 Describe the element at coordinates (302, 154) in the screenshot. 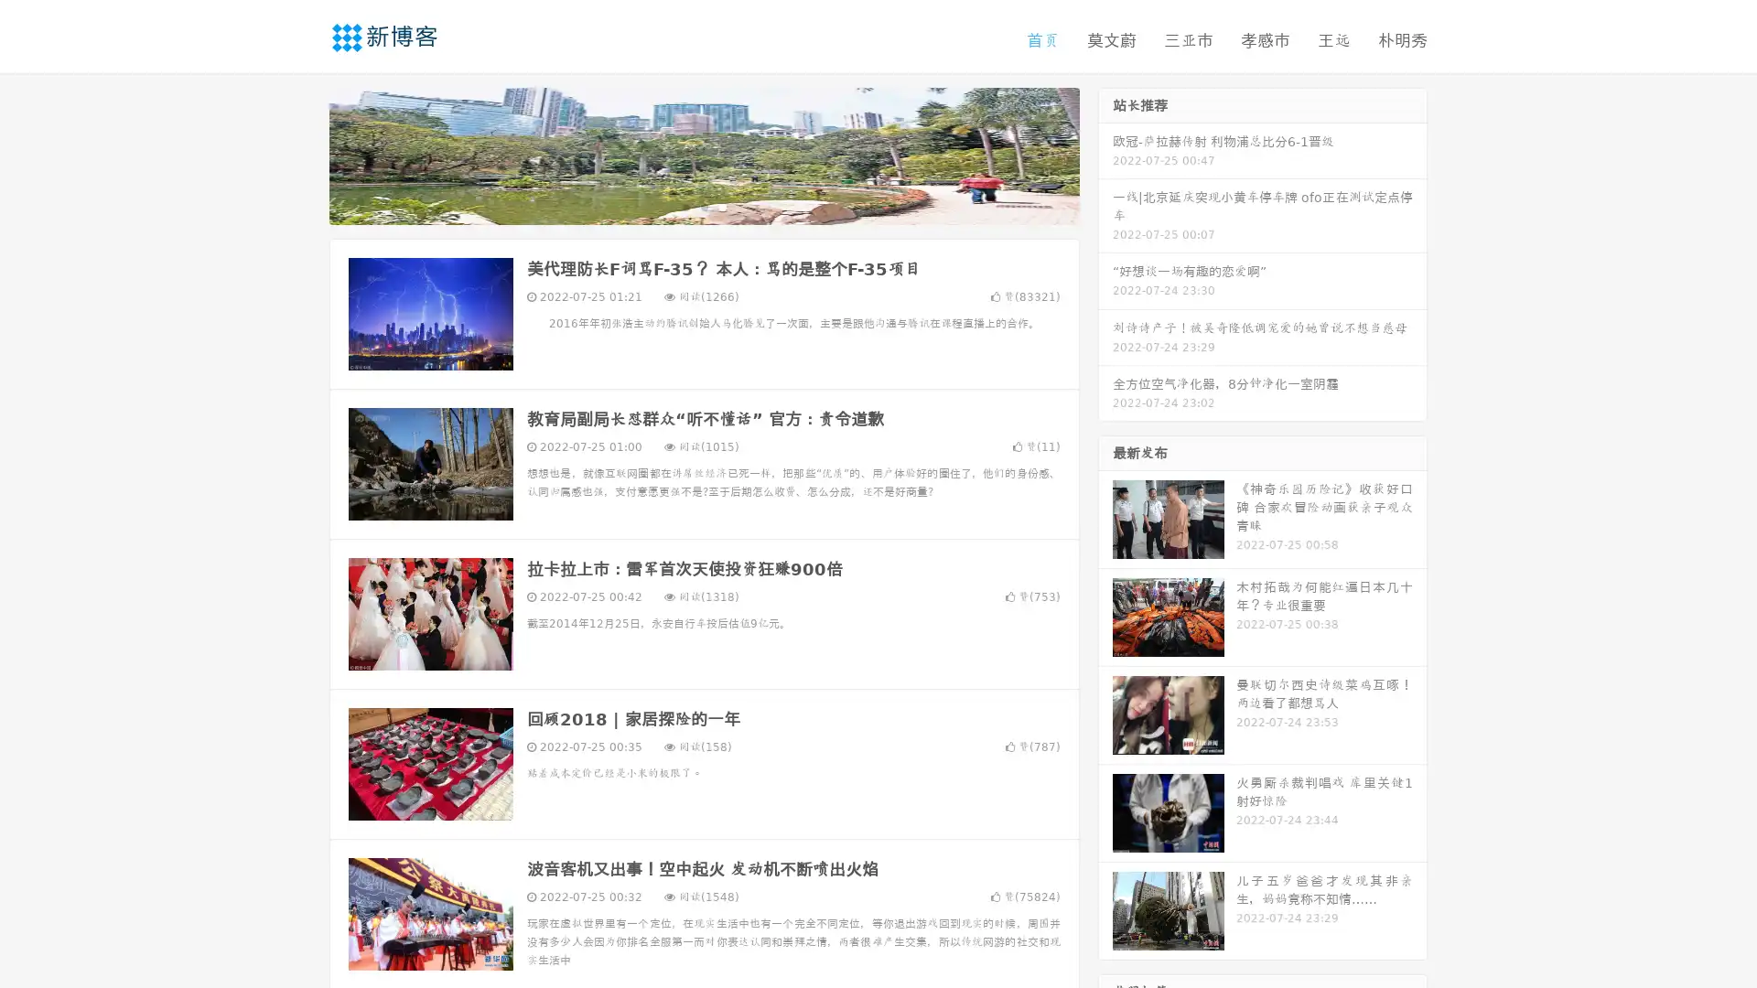

I see `Previous slide` at that location.